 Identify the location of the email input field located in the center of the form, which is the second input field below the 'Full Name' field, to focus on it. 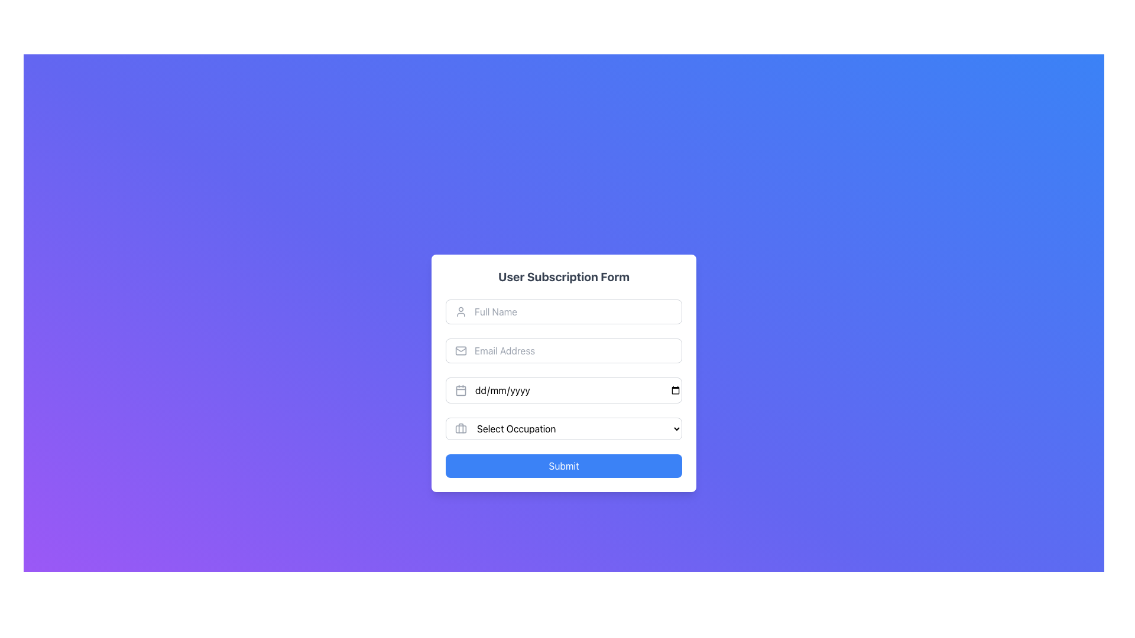
(563, 350).